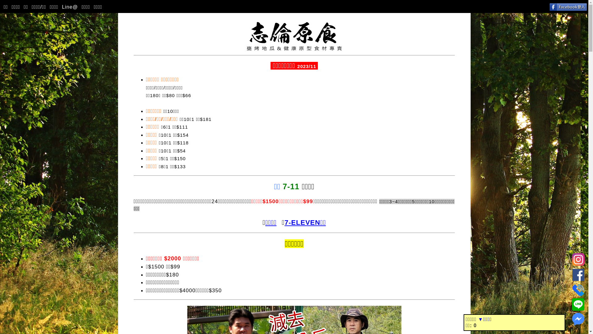 The height and width of the screenshot is (334, 593). Describe the element at coordinates (572, 303) in the screenshot. I see `'LINE@'` at that location.